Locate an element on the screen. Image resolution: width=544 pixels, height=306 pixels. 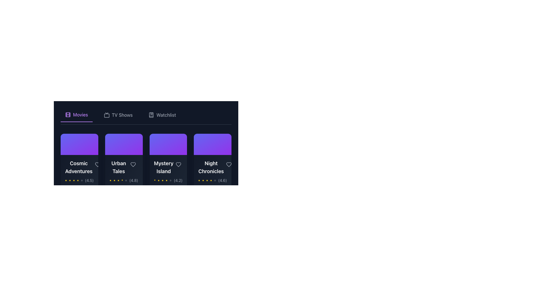
the second star in the row of five stars representing the rating level for the 'Cosmic Adventures' card in the 'Movies' section is located at coordinates (69, 180).